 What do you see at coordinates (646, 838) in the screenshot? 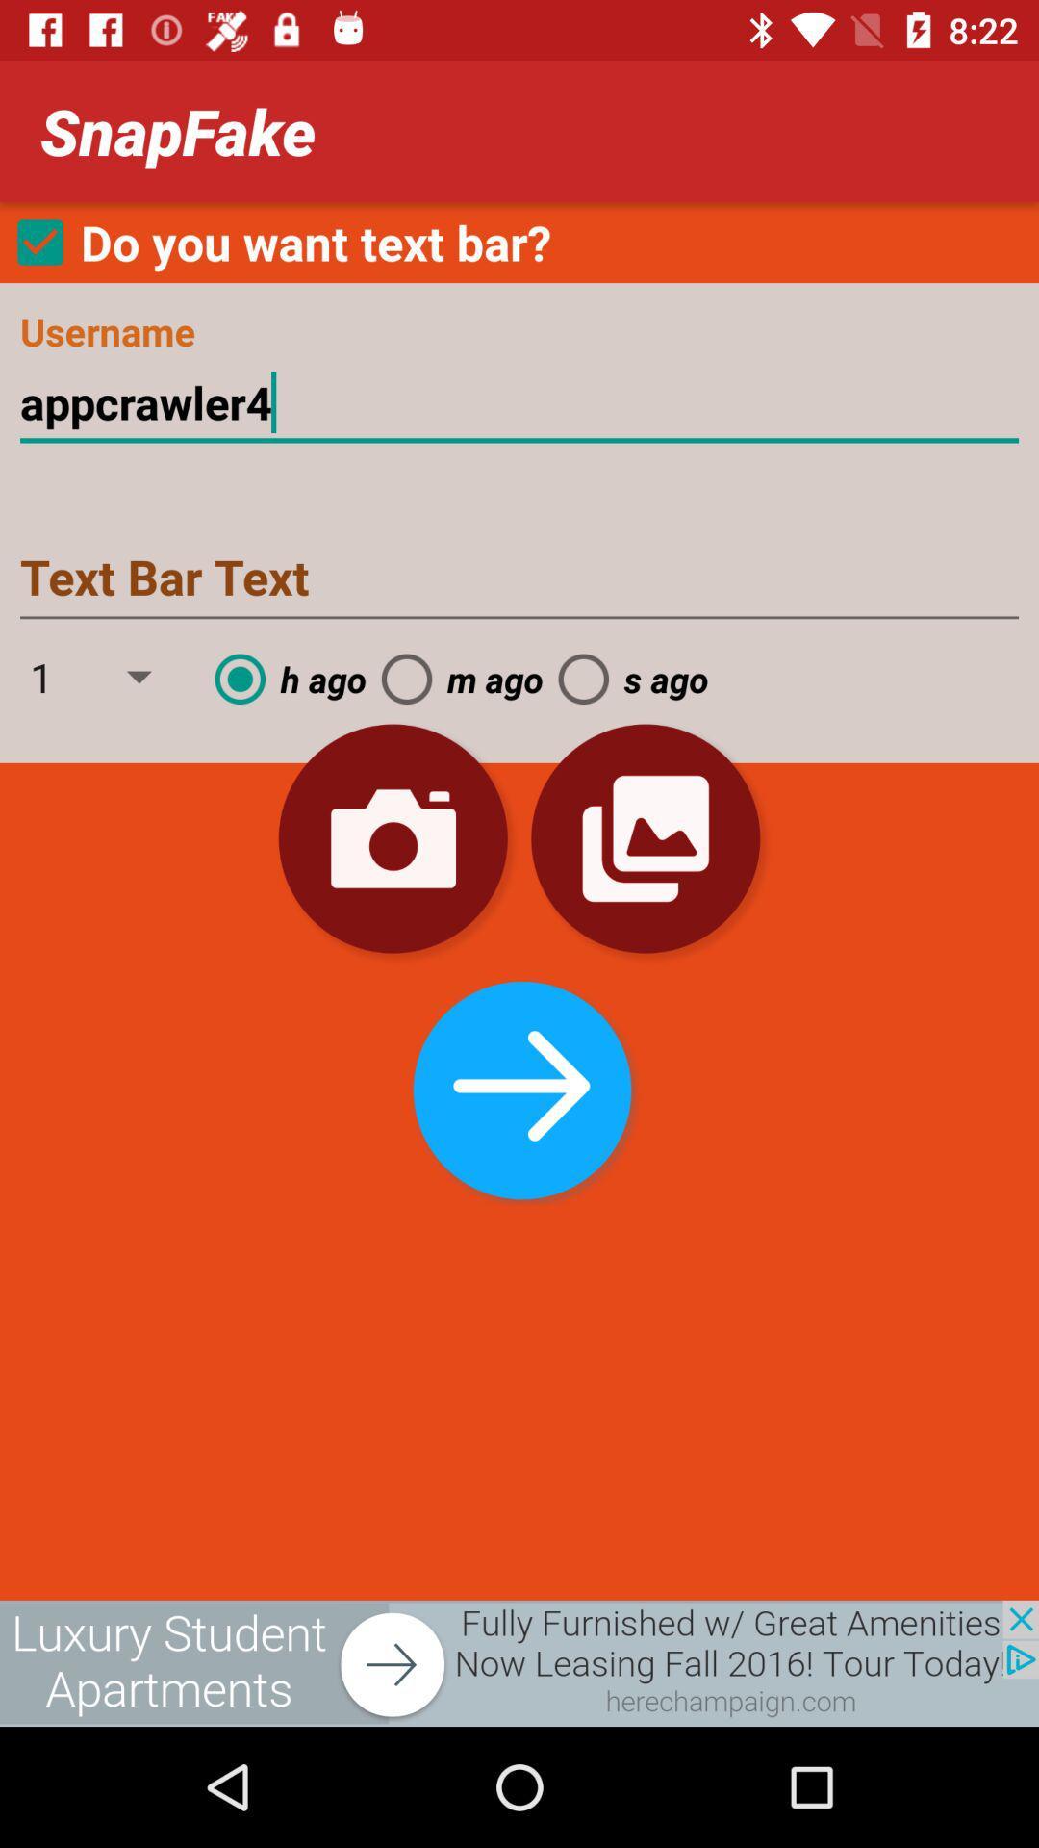
I see `open photos` at bounding box center [646, 838].